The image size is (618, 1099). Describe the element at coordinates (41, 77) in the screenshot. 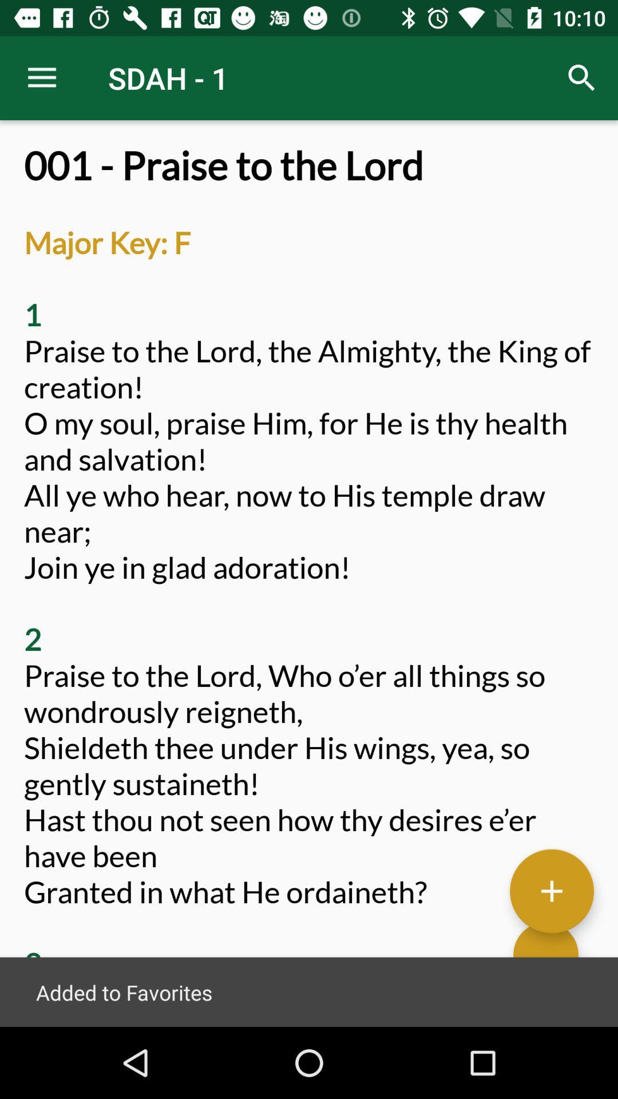

I see `the icon to the left of sdah - 1 item` at that location.